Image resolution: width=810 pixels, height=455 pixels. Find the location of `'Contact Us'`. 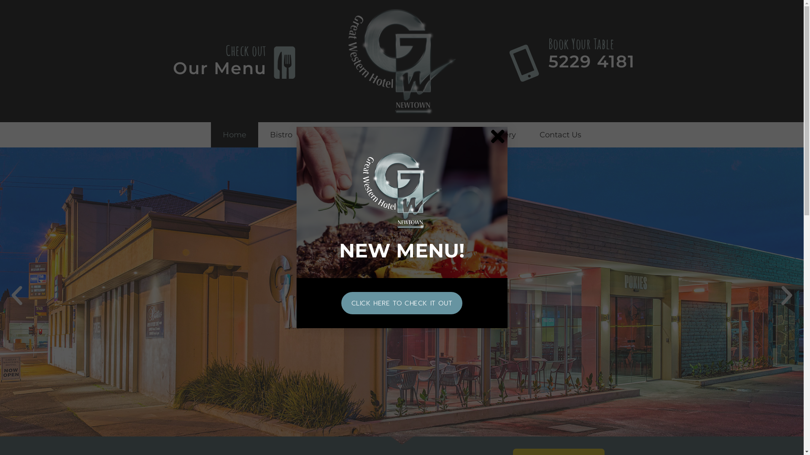

'Contact Us' is located at coordinates (560, 134).